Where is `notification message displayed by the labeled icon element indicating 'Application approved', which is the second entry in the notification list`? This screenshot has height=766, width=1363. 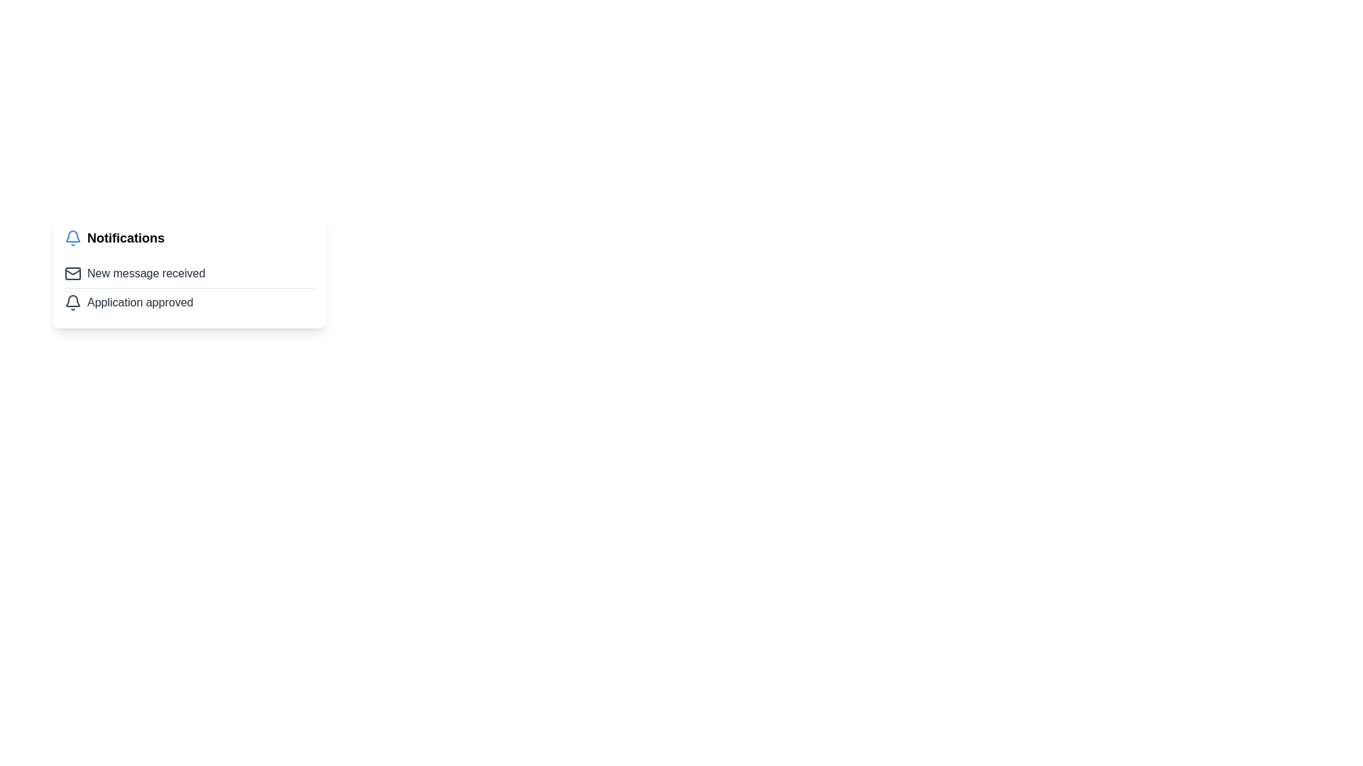
notification message displayed by the labeled icon element indicating 'Application approved', which is the second entry in the notification list is located at coordinates (189, 302).